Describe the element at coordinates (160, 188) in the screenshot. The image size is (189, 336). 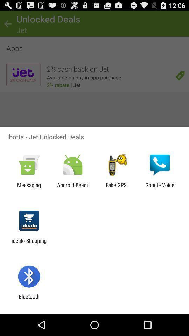
I see `google voice icon` at that location.